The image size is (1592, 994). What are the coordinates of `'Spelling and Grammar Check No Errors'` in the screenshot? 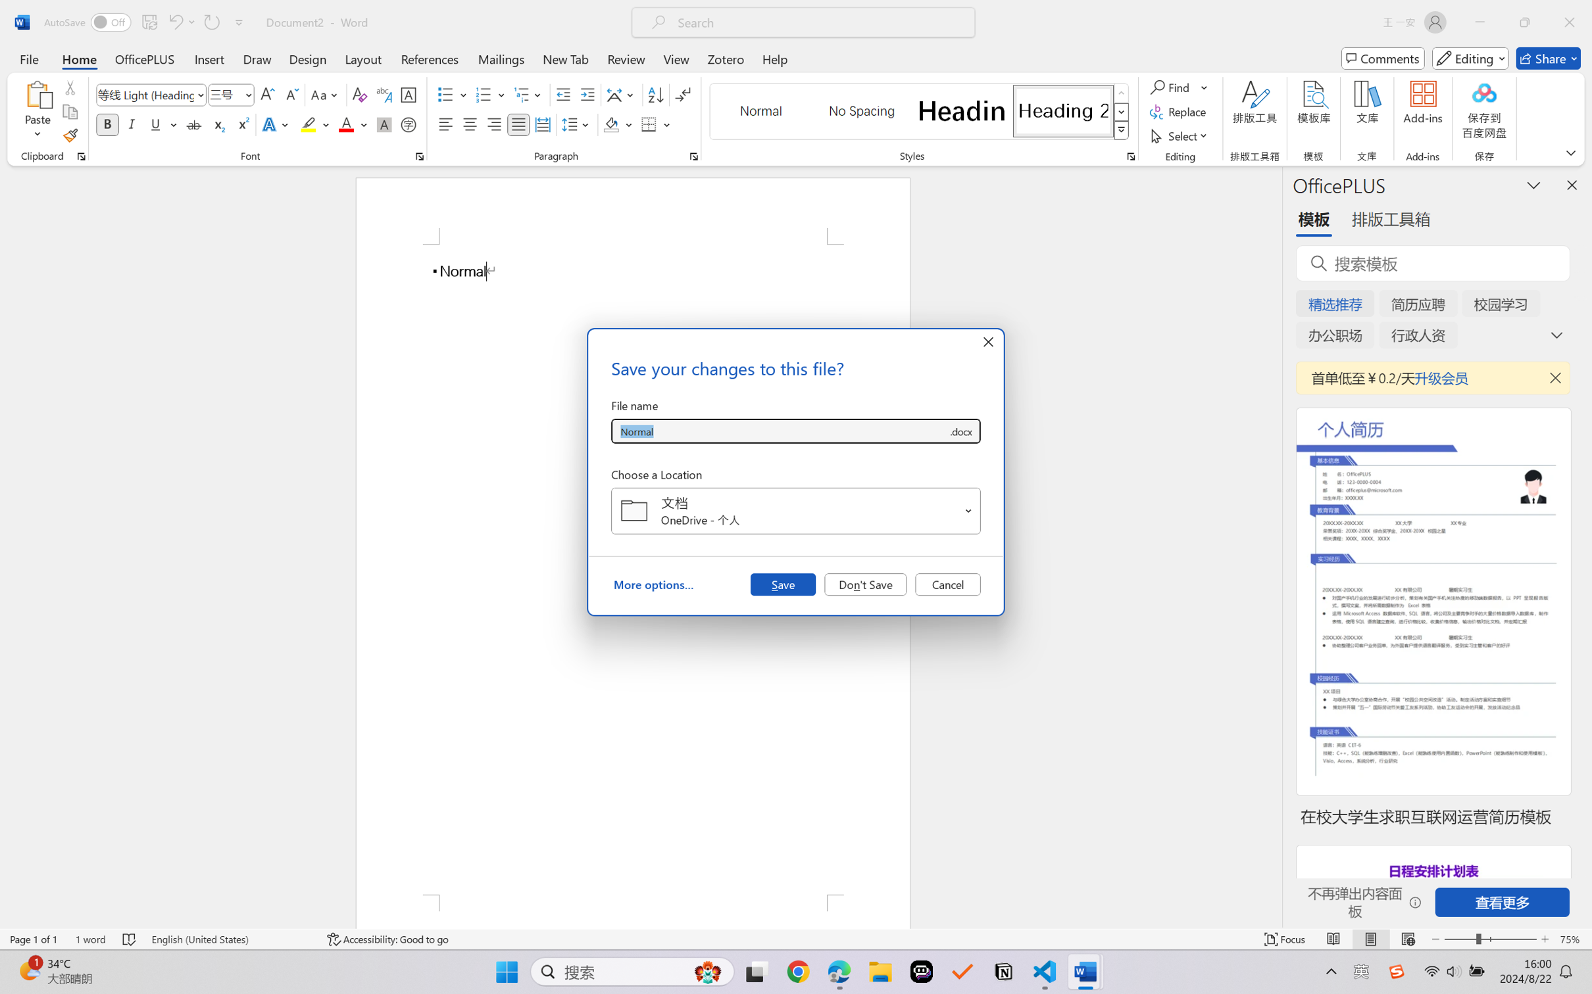 It's located at (130, 939).